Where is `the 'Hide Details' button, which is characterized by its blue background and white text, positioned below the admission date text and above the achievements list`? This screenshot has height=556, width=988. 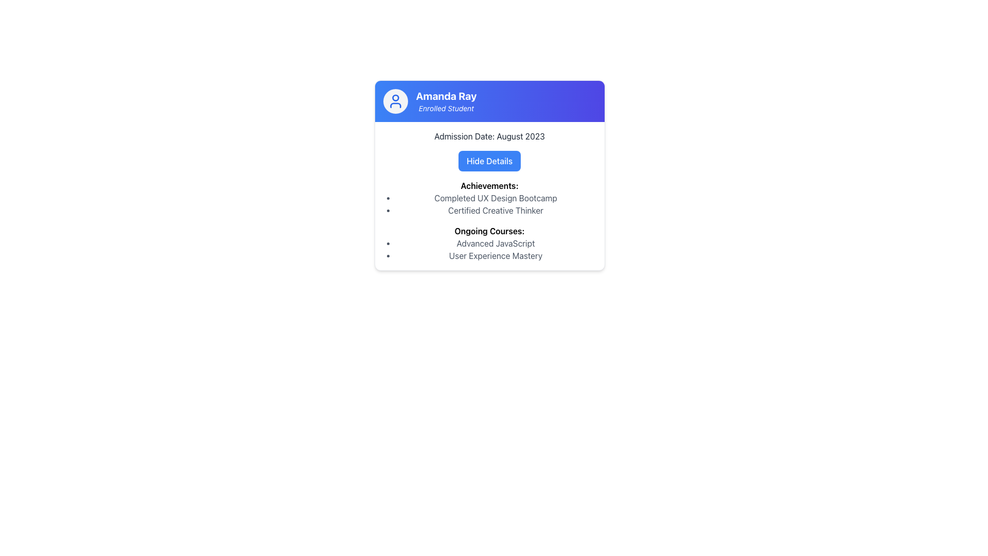
the 'Hide Details' button, which is characterized by its blue background and white text, positioned below the admission date text and above the achievements list is located at coordinates (489, 161).